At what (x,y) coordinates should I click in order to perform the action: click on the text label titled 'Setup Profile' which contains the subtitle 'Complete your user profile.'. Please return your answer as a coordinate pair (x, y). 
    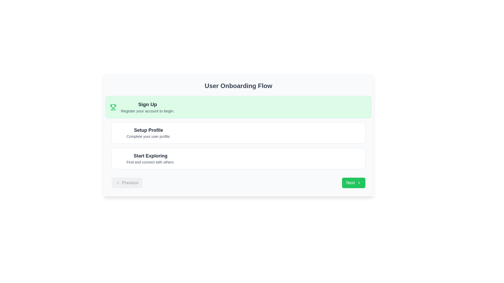
    Looking at the image, I should click on (148, 132).